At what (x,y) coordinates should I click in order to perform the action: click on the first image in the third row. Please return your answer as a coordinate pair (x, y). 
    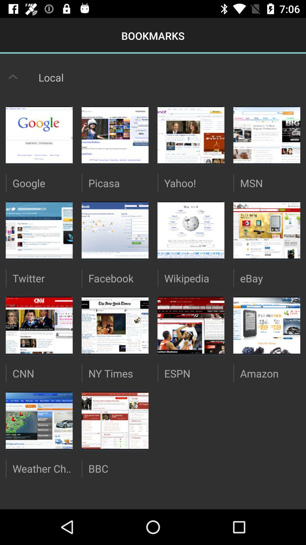
    Looking at the image, I should click on (39, 326).